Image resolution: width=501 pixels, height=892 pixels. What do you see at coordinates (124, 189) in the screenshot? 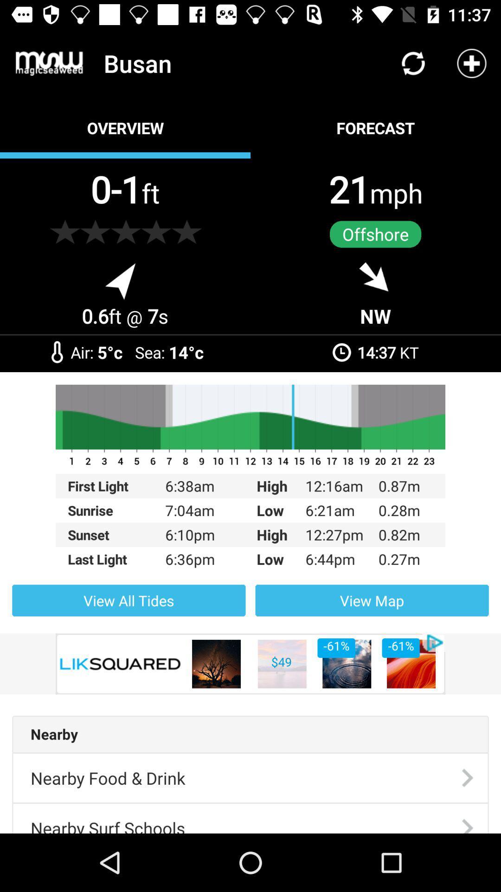
I see `0-1ft item` at bounding box center [124, 189].